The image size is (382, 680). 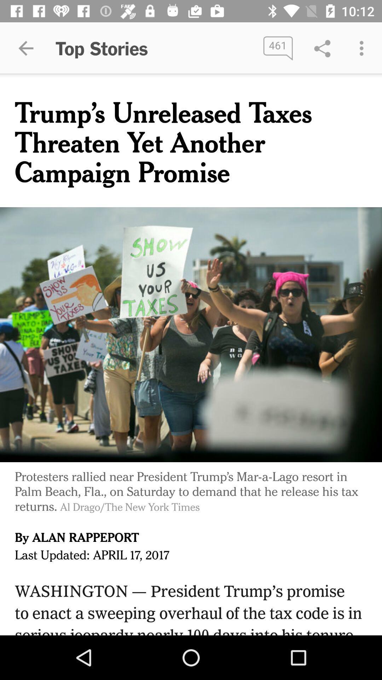 What do you see at coordinates (278, 48) in the screenshot?
I see `the app to the right of the top stories` at bounding box center [278, 48].